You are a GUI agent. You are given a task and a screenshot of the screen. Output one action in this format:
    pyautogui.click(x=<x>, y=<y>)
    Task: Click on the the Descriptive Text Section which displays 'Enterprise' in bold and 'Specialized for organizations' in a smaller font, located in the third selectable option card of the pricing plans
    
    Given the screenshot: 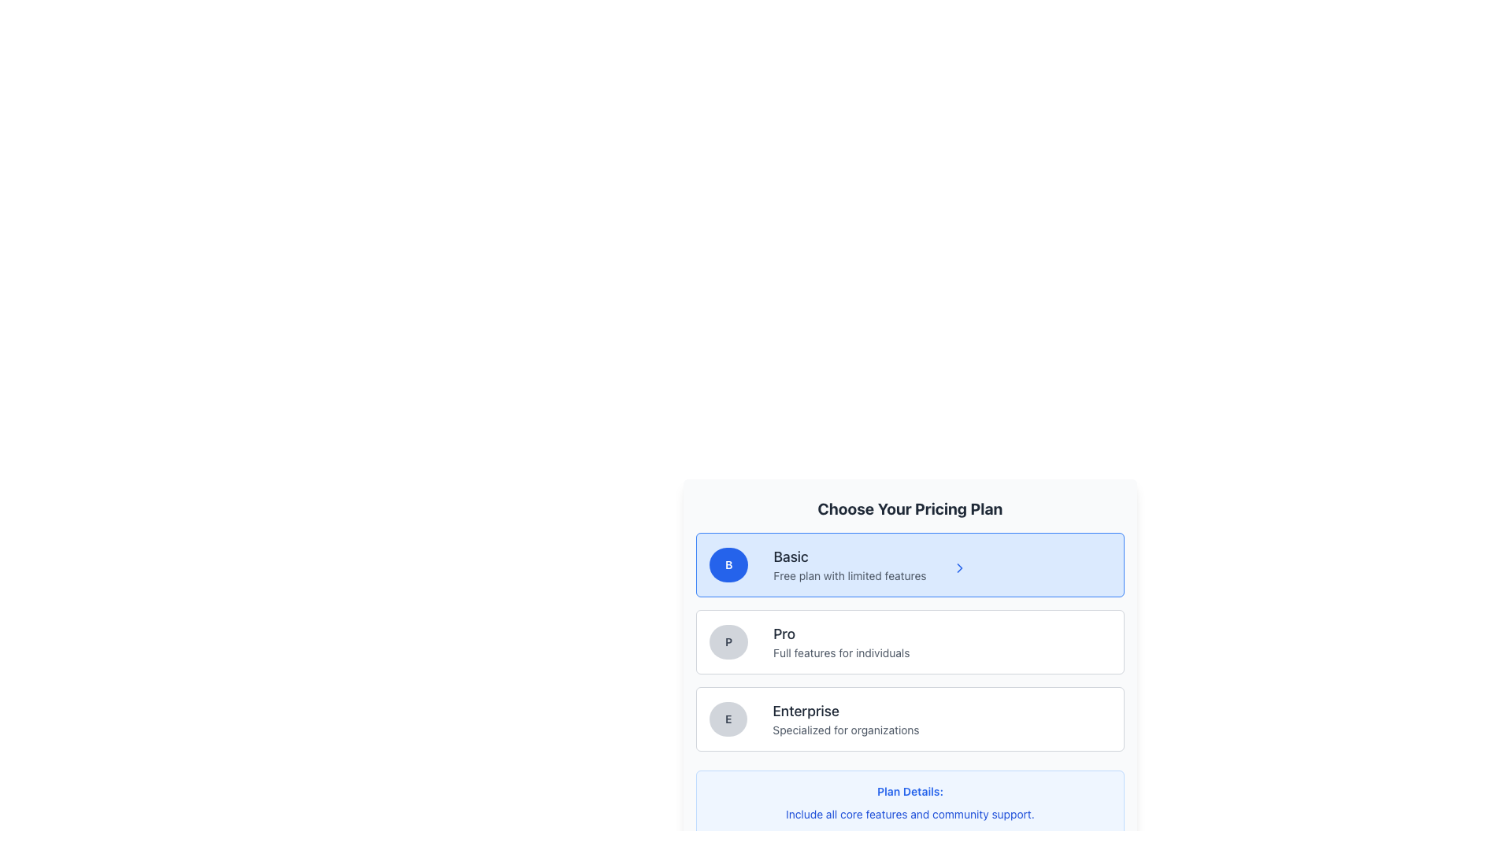 What is the action you would take?
    pyautogui.click(x=845, y=719)
    